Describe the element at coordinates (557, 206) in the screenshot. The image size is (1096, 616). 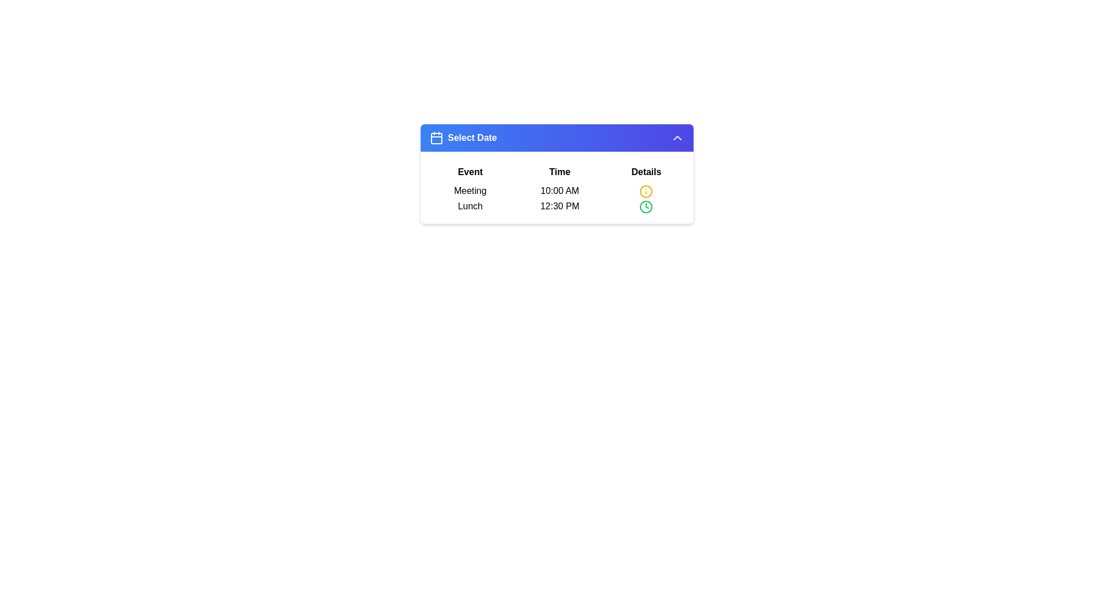
I see `event information from the second row of the table that displays 'Lunch 12:30 PM' and a clock symbol` at that location.